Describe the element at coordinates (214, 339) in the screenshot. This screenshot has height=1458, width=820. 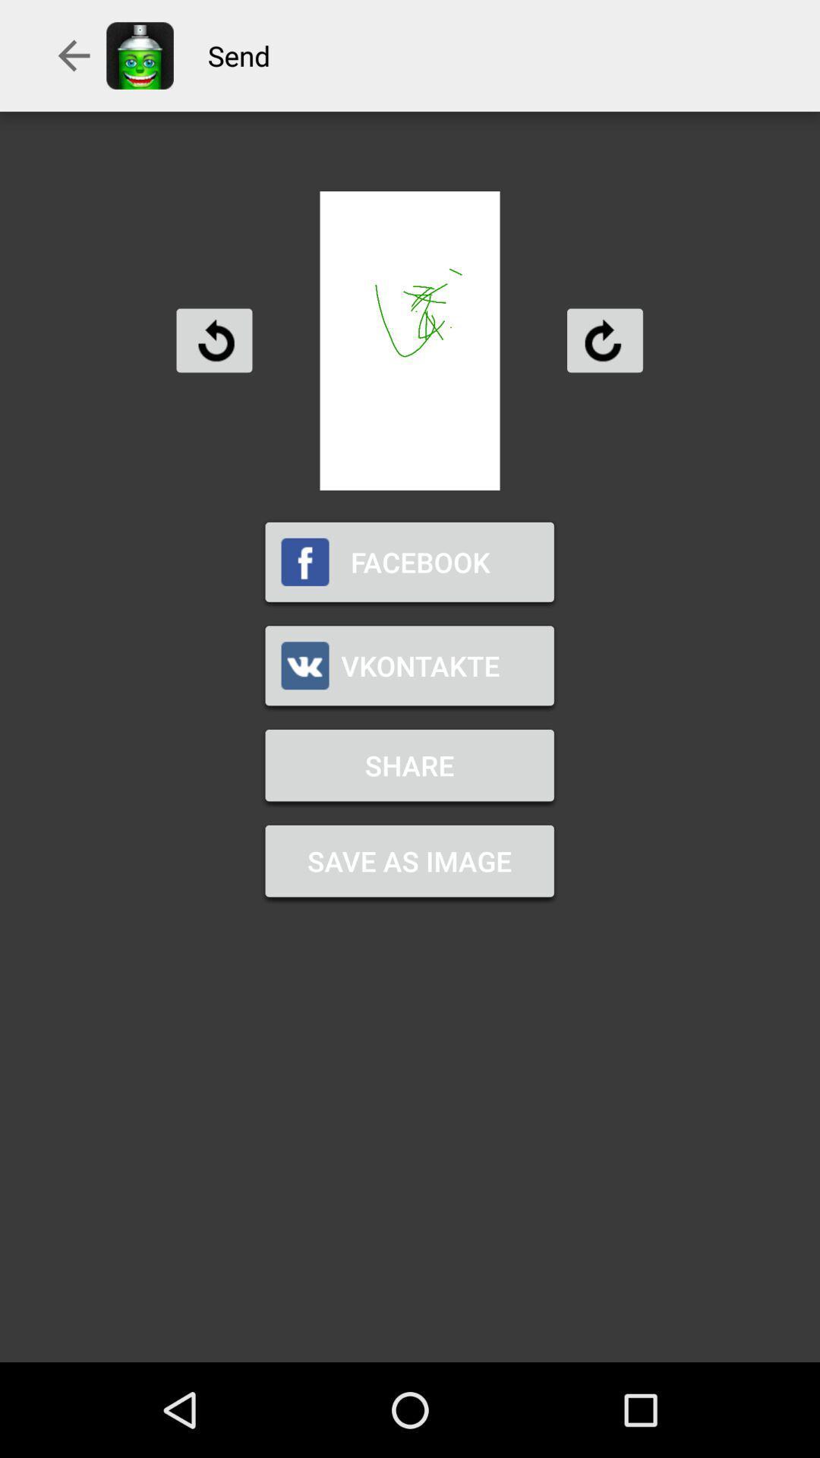
I see `the icon above the facebook icon` at that location.